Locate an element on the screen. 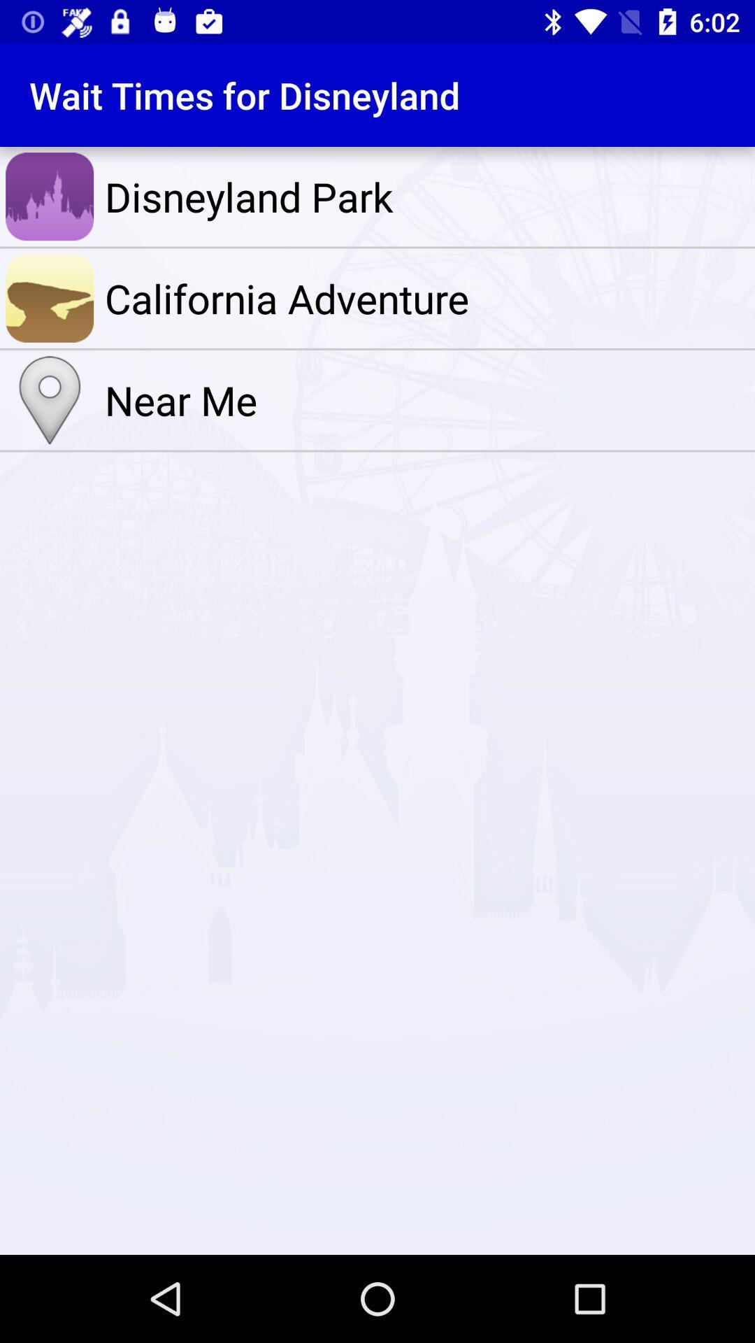 The height and width of the screenshot is (1343, 755). item below the disneyland park is located at coordinates (426, 297).